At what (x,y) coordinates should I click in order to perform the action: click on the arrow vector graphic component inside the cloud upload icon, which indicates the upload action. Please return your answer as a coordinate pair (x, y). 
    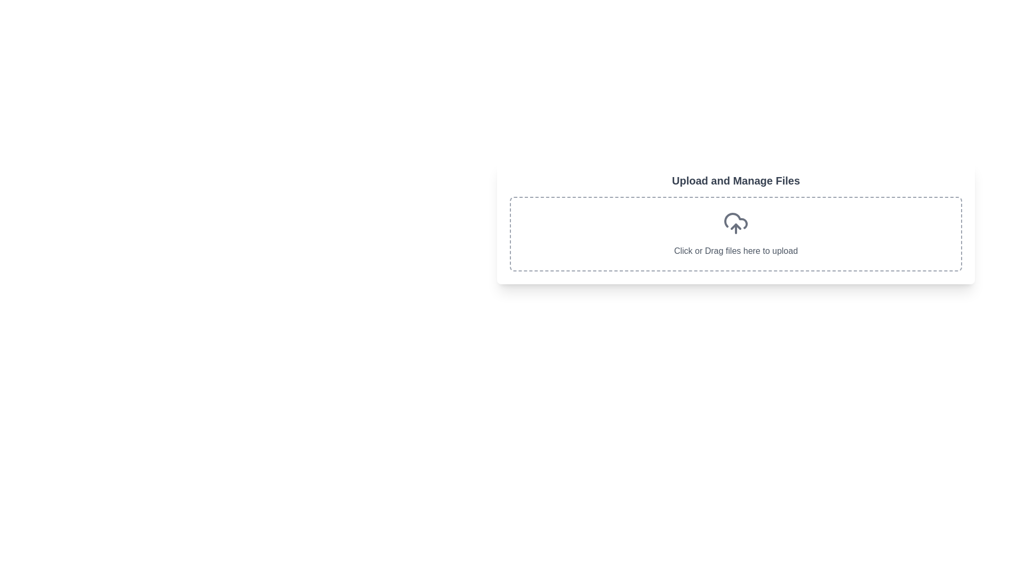
    Looking at the image, I should click on (735, 226).